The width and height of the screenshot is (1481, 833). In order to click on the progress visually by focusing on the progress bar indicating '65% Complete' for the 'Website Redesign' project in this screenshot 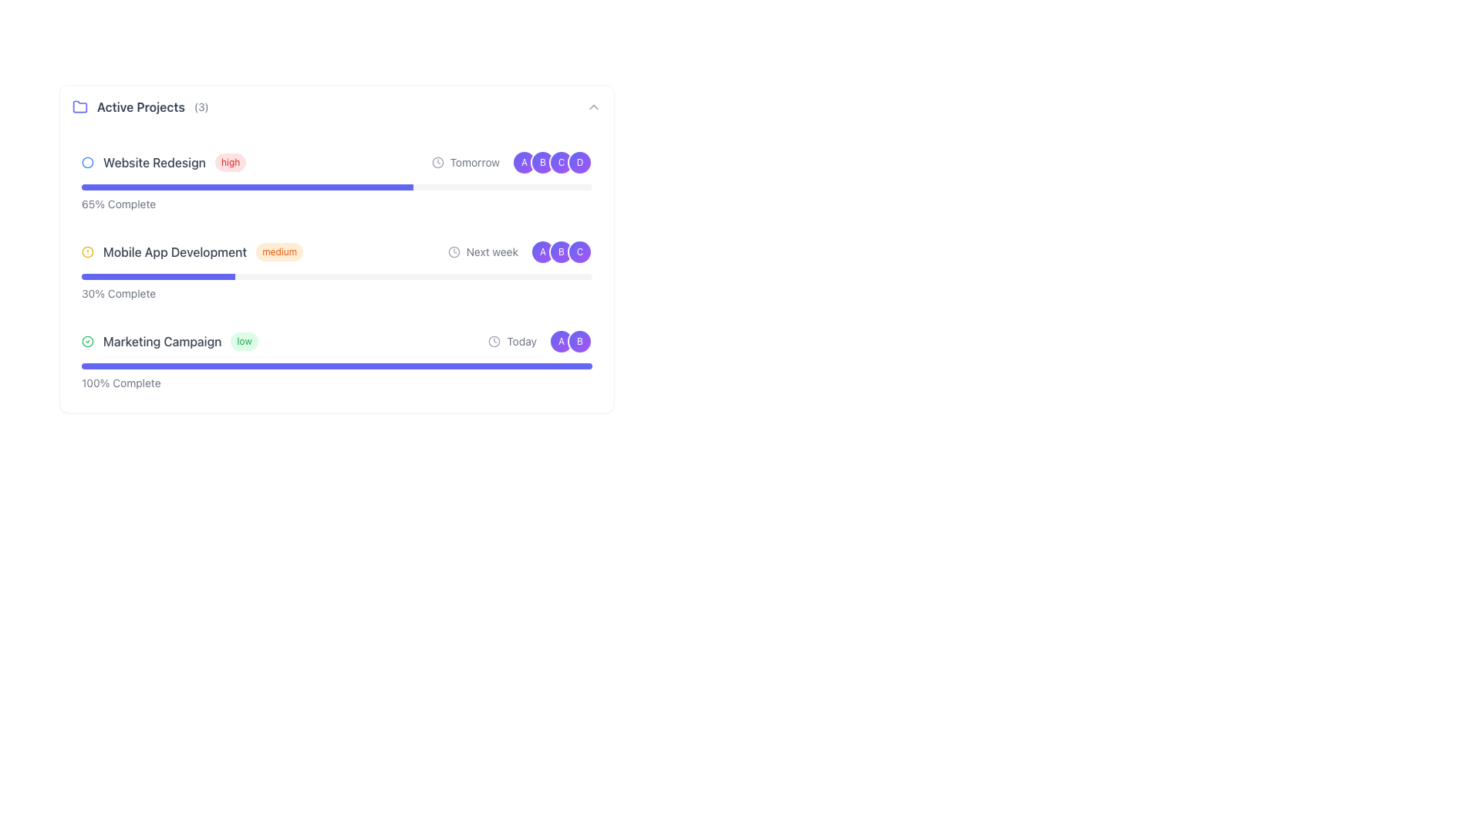, I will do `click(336, 187)`.